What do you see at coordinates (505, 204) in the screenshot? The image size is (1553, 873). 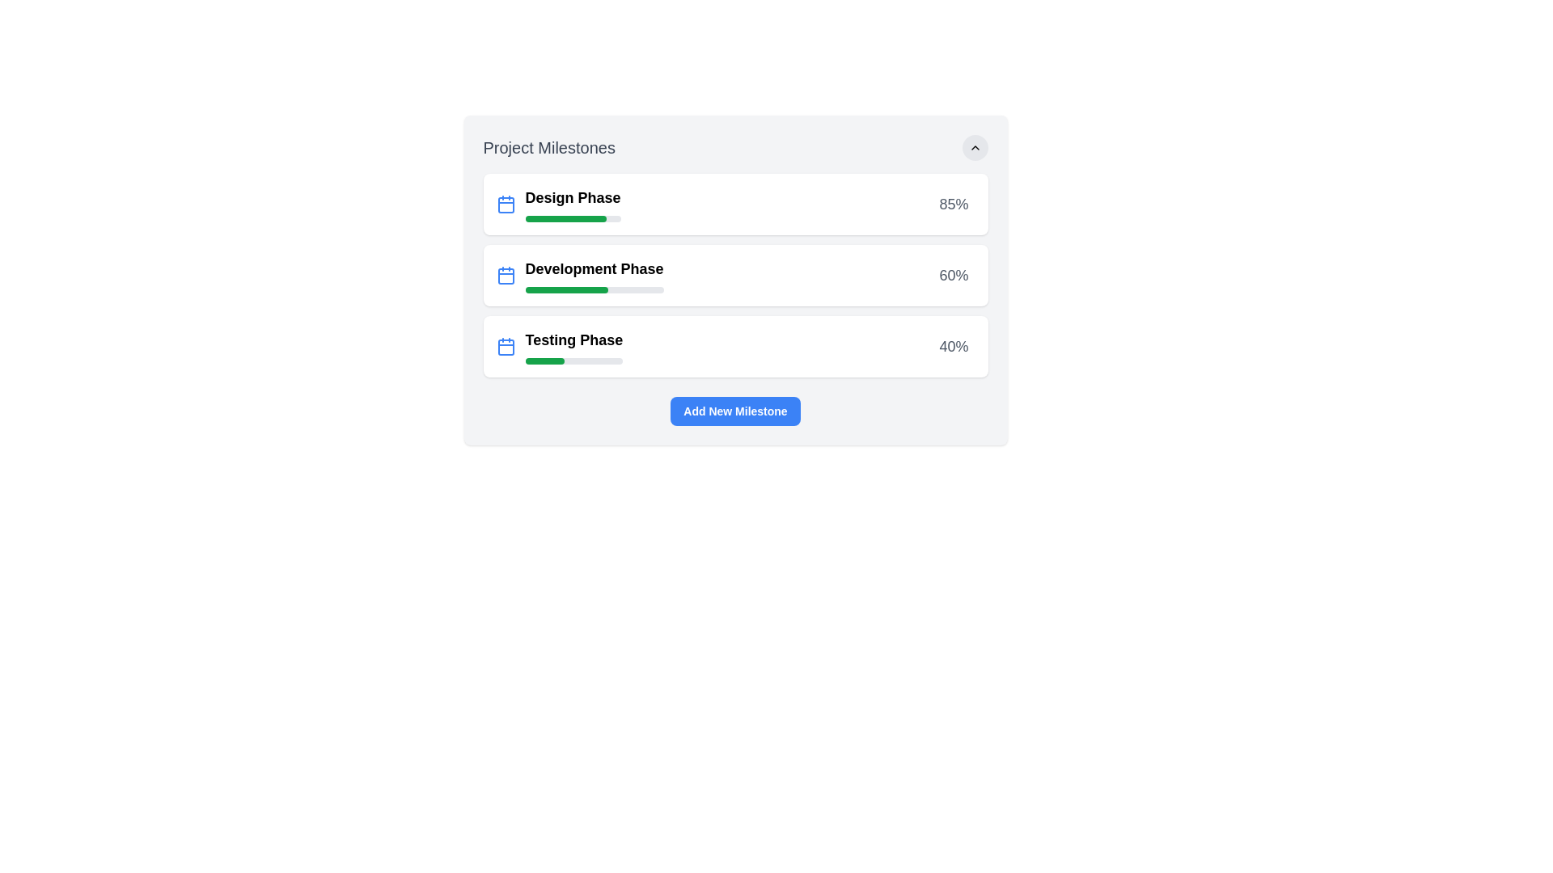 I see `the blue calendar icon located to the left of the 'Design Phase' text in the topmost milestone card` at bounding box center [505, 204].